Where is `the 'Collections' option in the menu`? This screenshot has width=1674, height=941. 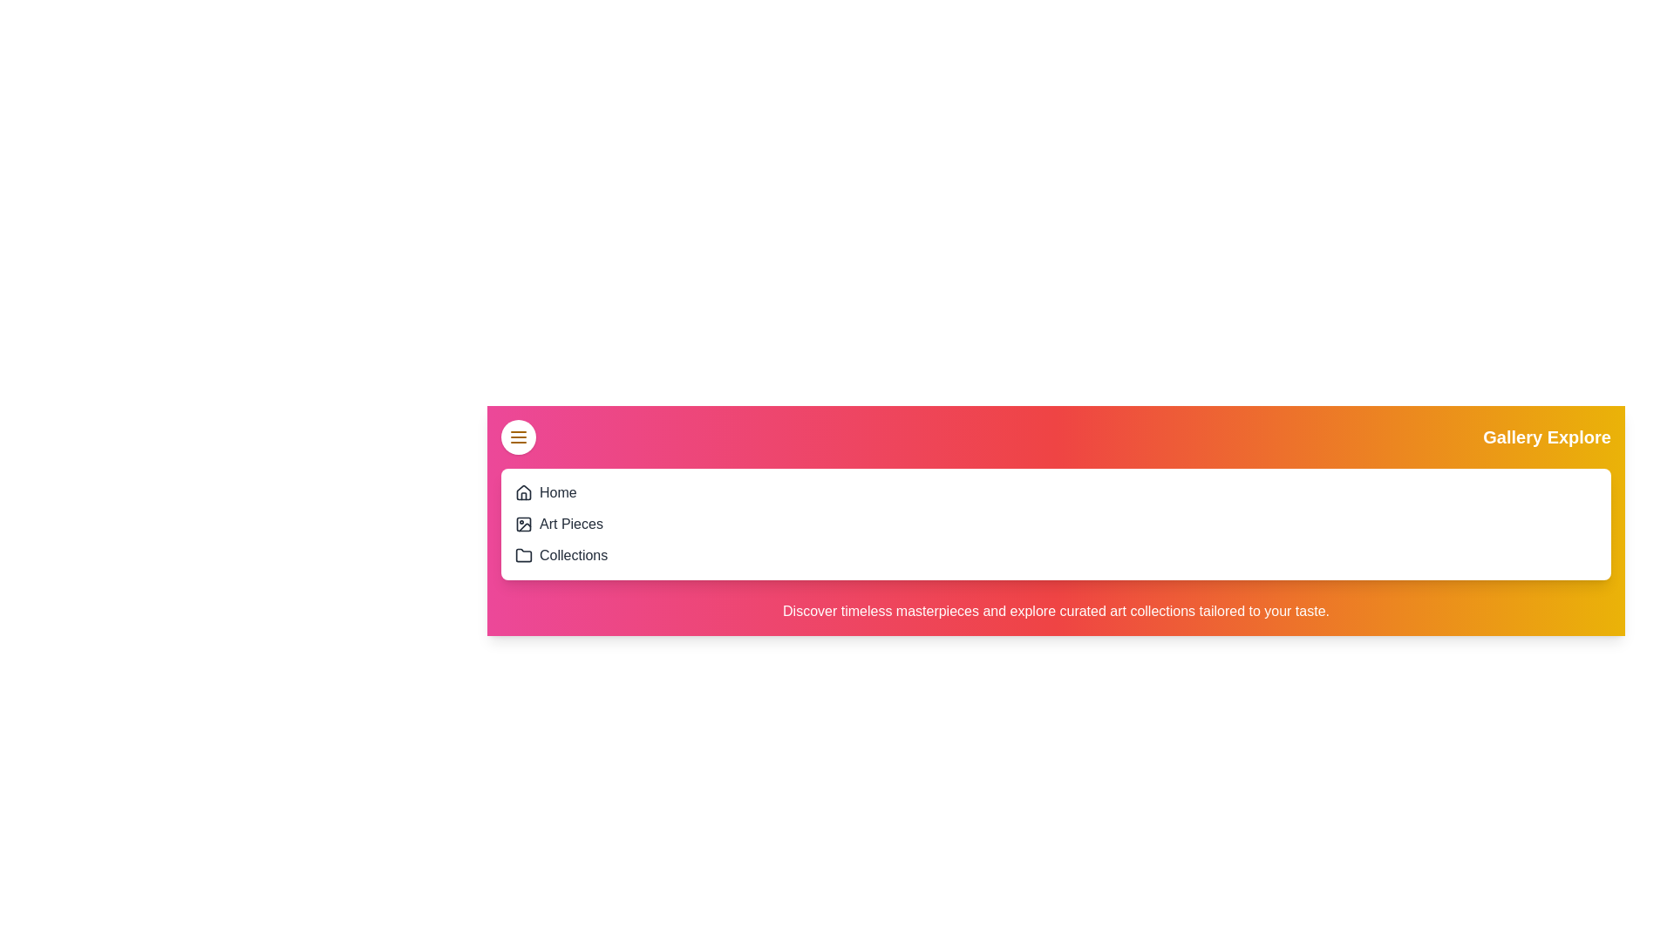
the 'Collections' option in the menu is located at coordinates (573, 555).